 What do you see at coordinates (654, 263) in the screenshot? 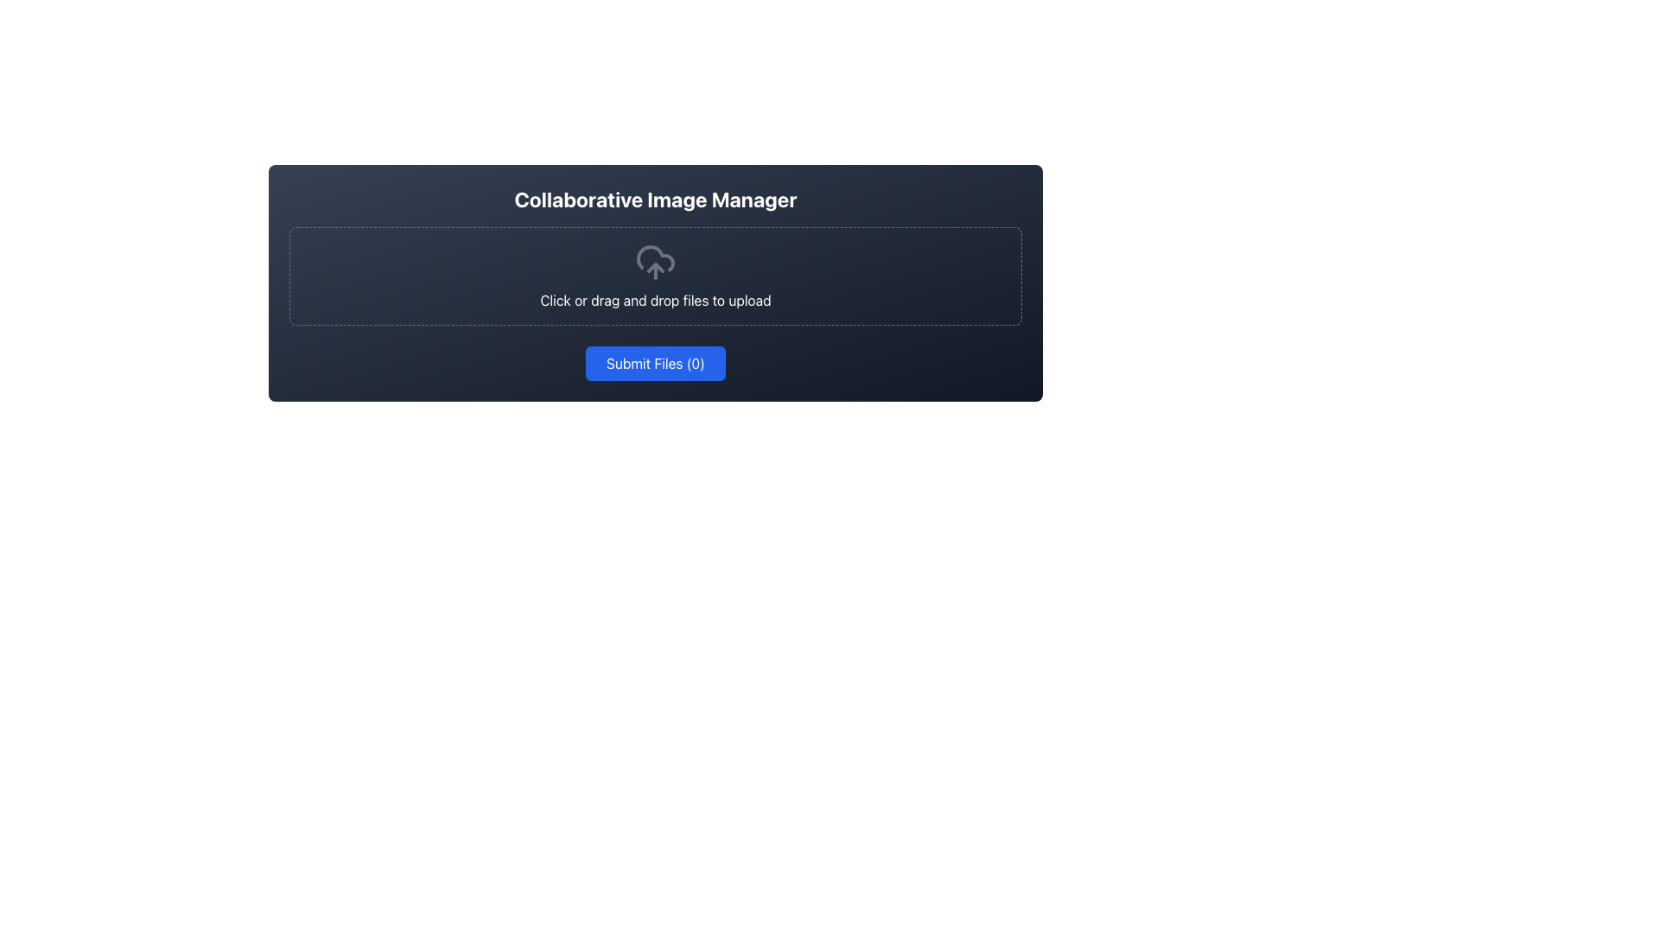
I see `the cloud upload icon, which is styled in gray tones and located above the text 'Click or drag and drop files to upload' in the file upload area` at bounding box center [654, 263].